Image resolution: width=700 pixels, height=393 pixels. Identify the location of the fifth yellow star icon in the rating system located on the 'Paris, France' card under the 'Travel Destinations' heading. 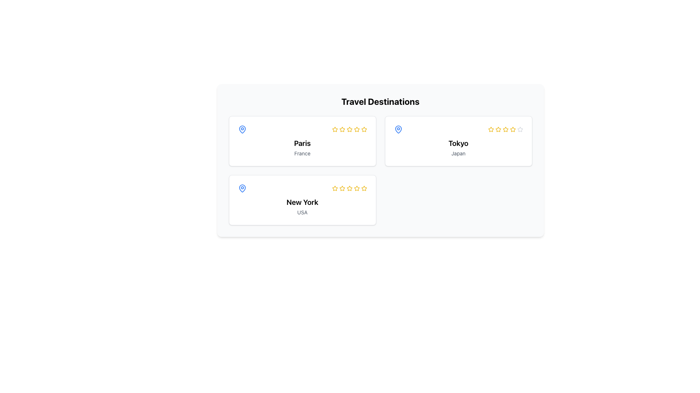
(357, 129).